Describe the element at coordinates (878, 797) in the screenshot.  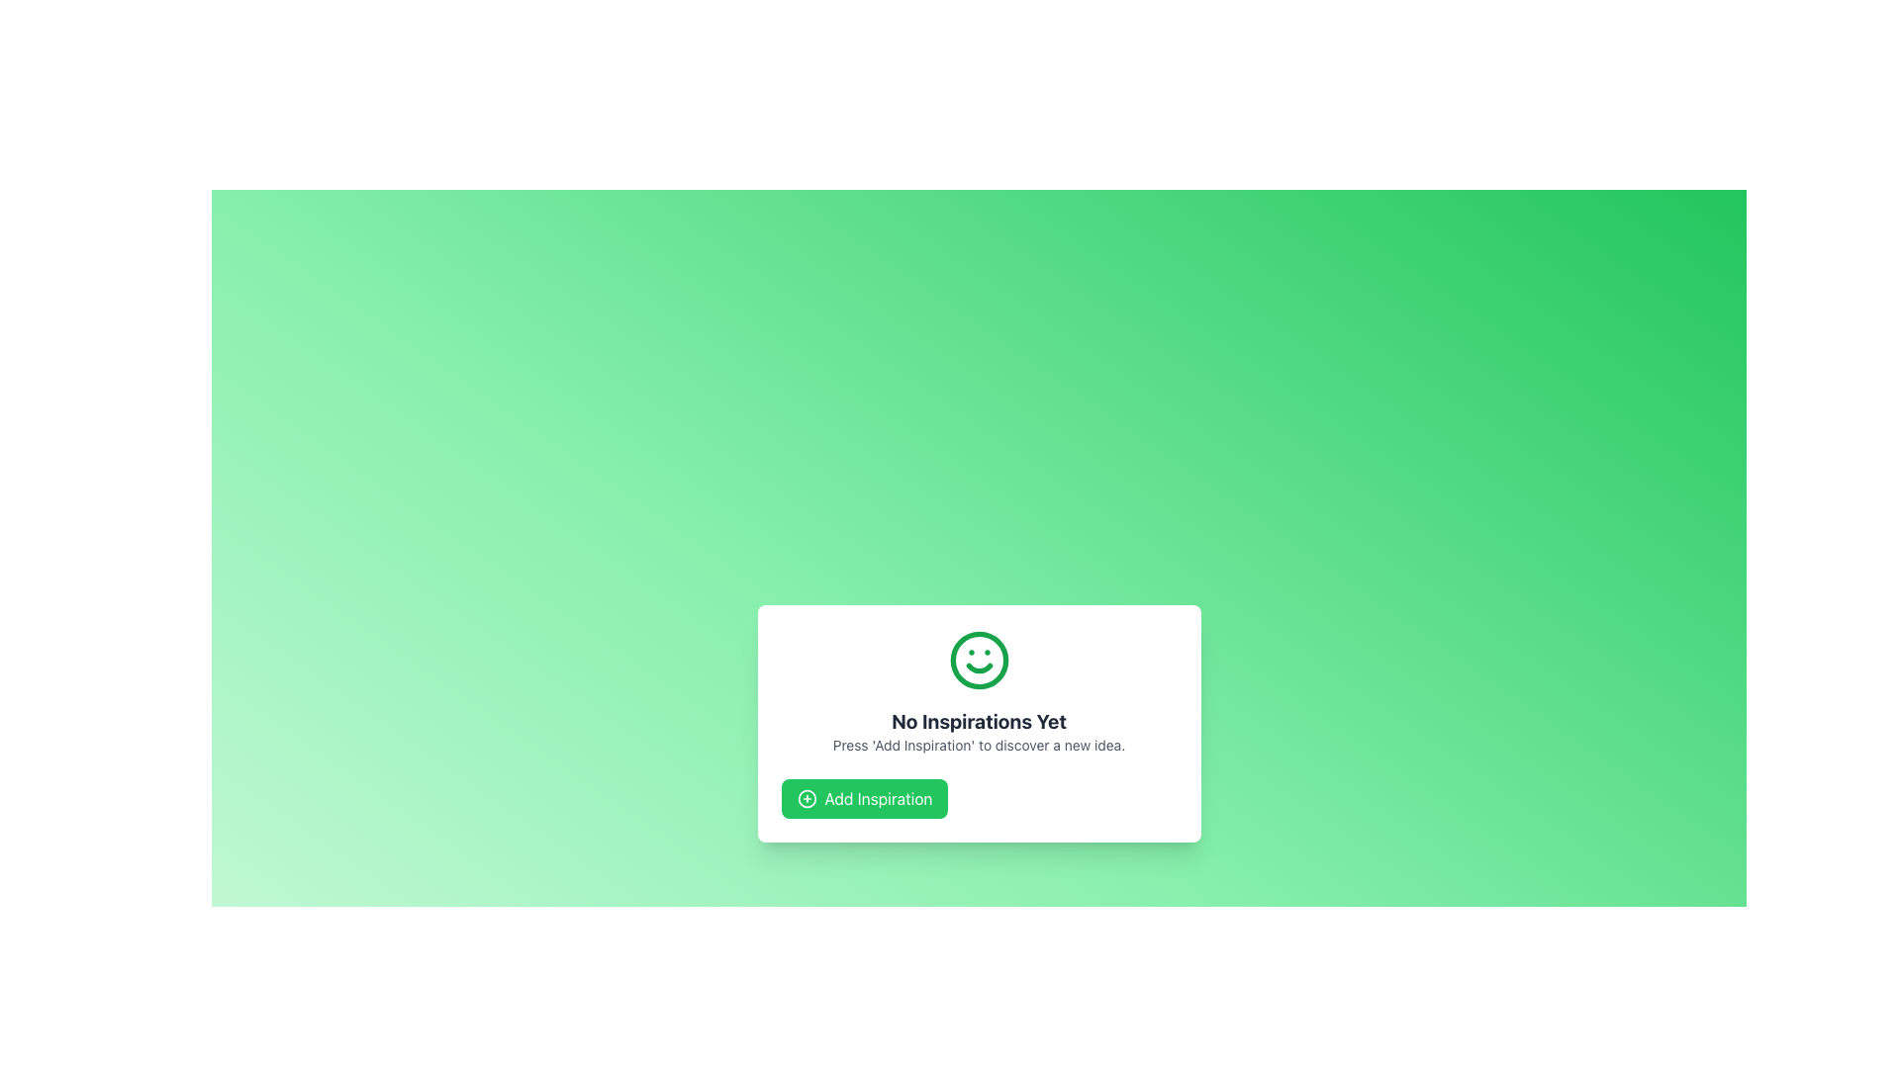
I see `the 'Add Inspiration' text label which is located on a green button at the bottom of a white card, next to a plus sign icon` at that location.